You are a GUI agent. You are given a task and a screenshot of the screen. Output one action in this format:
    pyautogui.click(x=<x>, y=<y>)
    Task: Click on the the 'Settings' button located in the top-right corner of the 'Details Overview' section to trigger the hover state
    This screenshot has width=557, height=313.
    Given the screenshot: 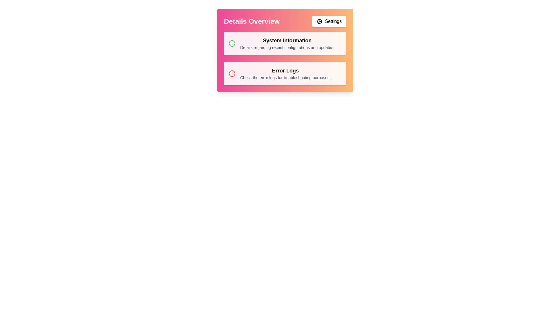 What is the action you would take?
    pyautogui.click(x=329, y=21)
    